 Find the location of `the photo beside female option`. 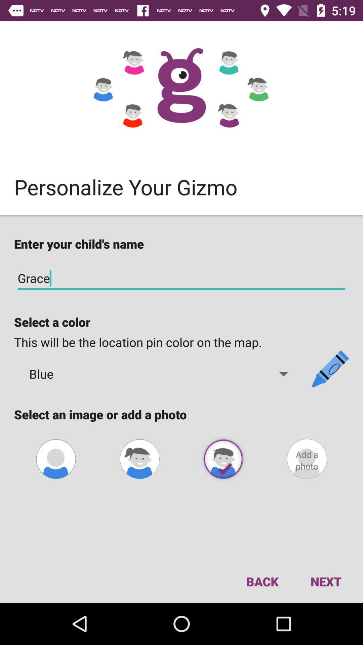

the photo beside female option is located at coordinates (223, 459).